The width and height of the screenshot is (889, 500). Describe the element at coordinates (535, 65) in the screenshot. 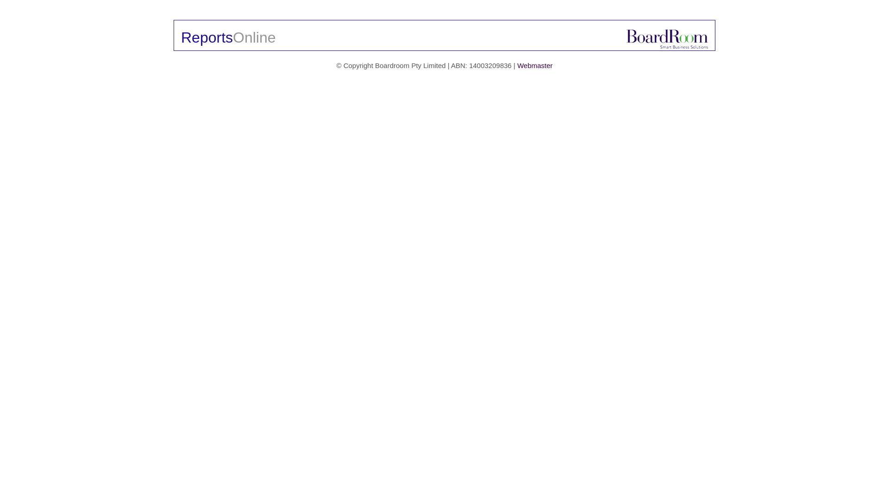

I see `'Webmaster'` at that location.